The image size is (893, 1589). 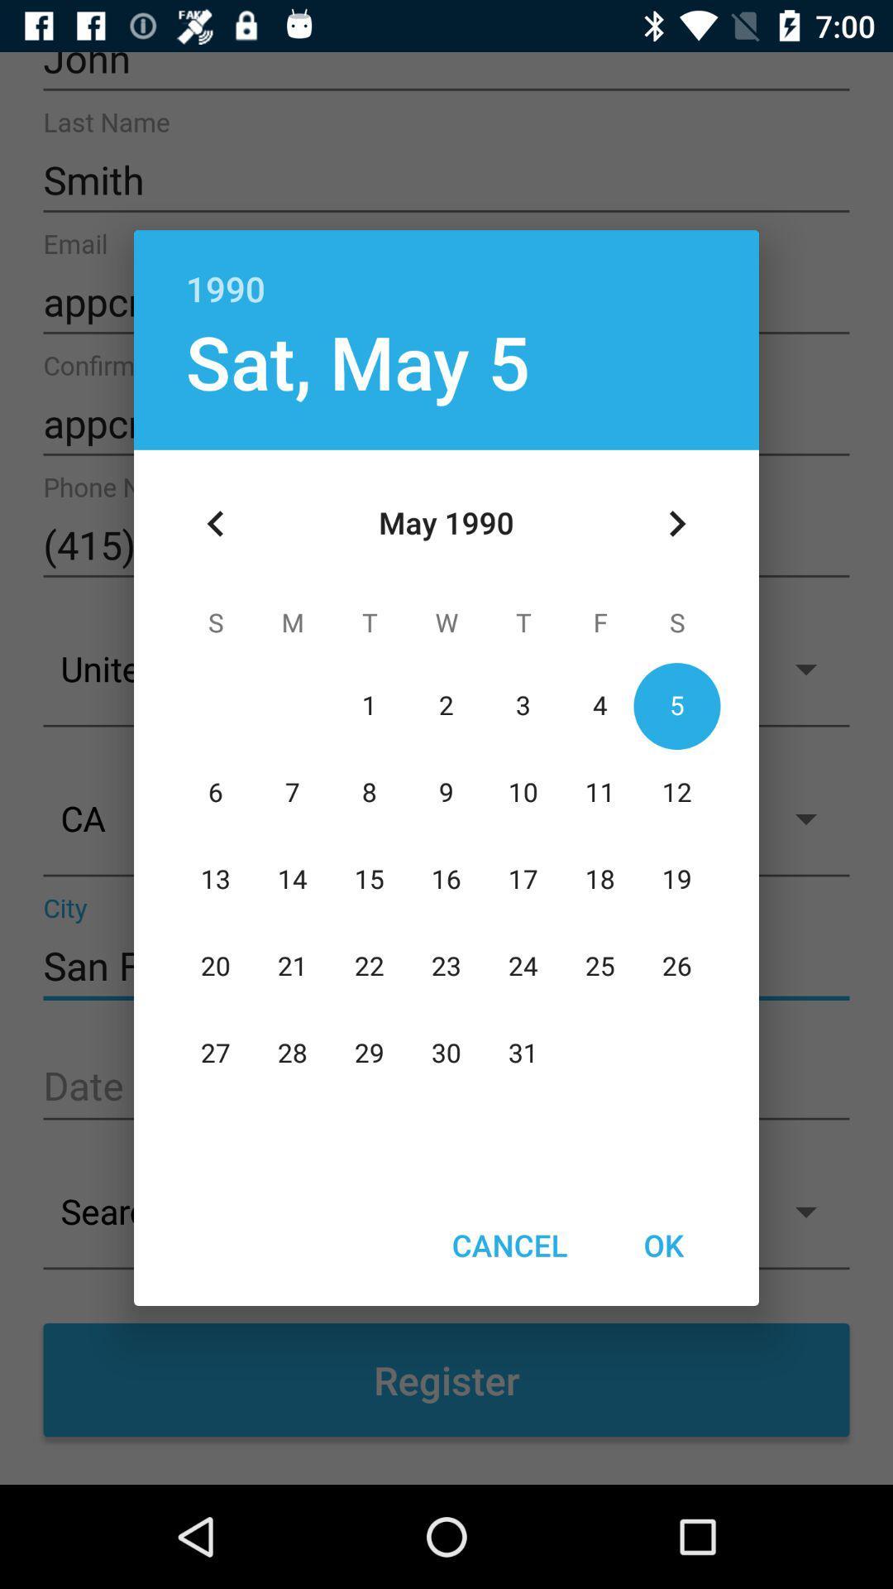 I want to click on sat, may 5 icon, so click(x=357, y=360).